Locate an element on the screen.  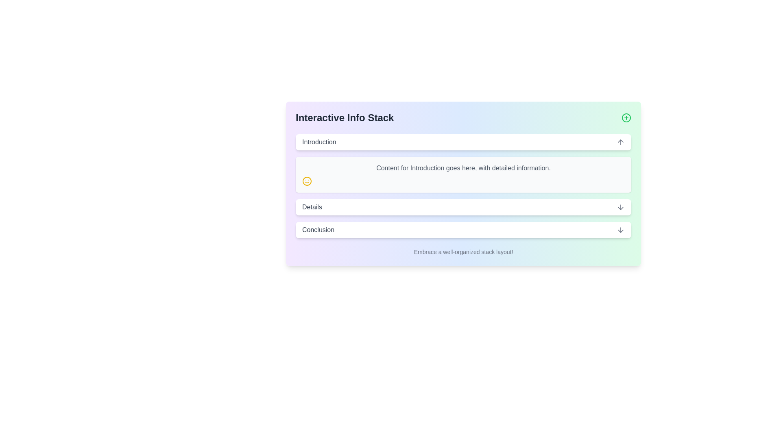
the Text Display Block located directly under the 'Introduction' header, which presents descriptive and informational text is located at coordinates (463, 174).